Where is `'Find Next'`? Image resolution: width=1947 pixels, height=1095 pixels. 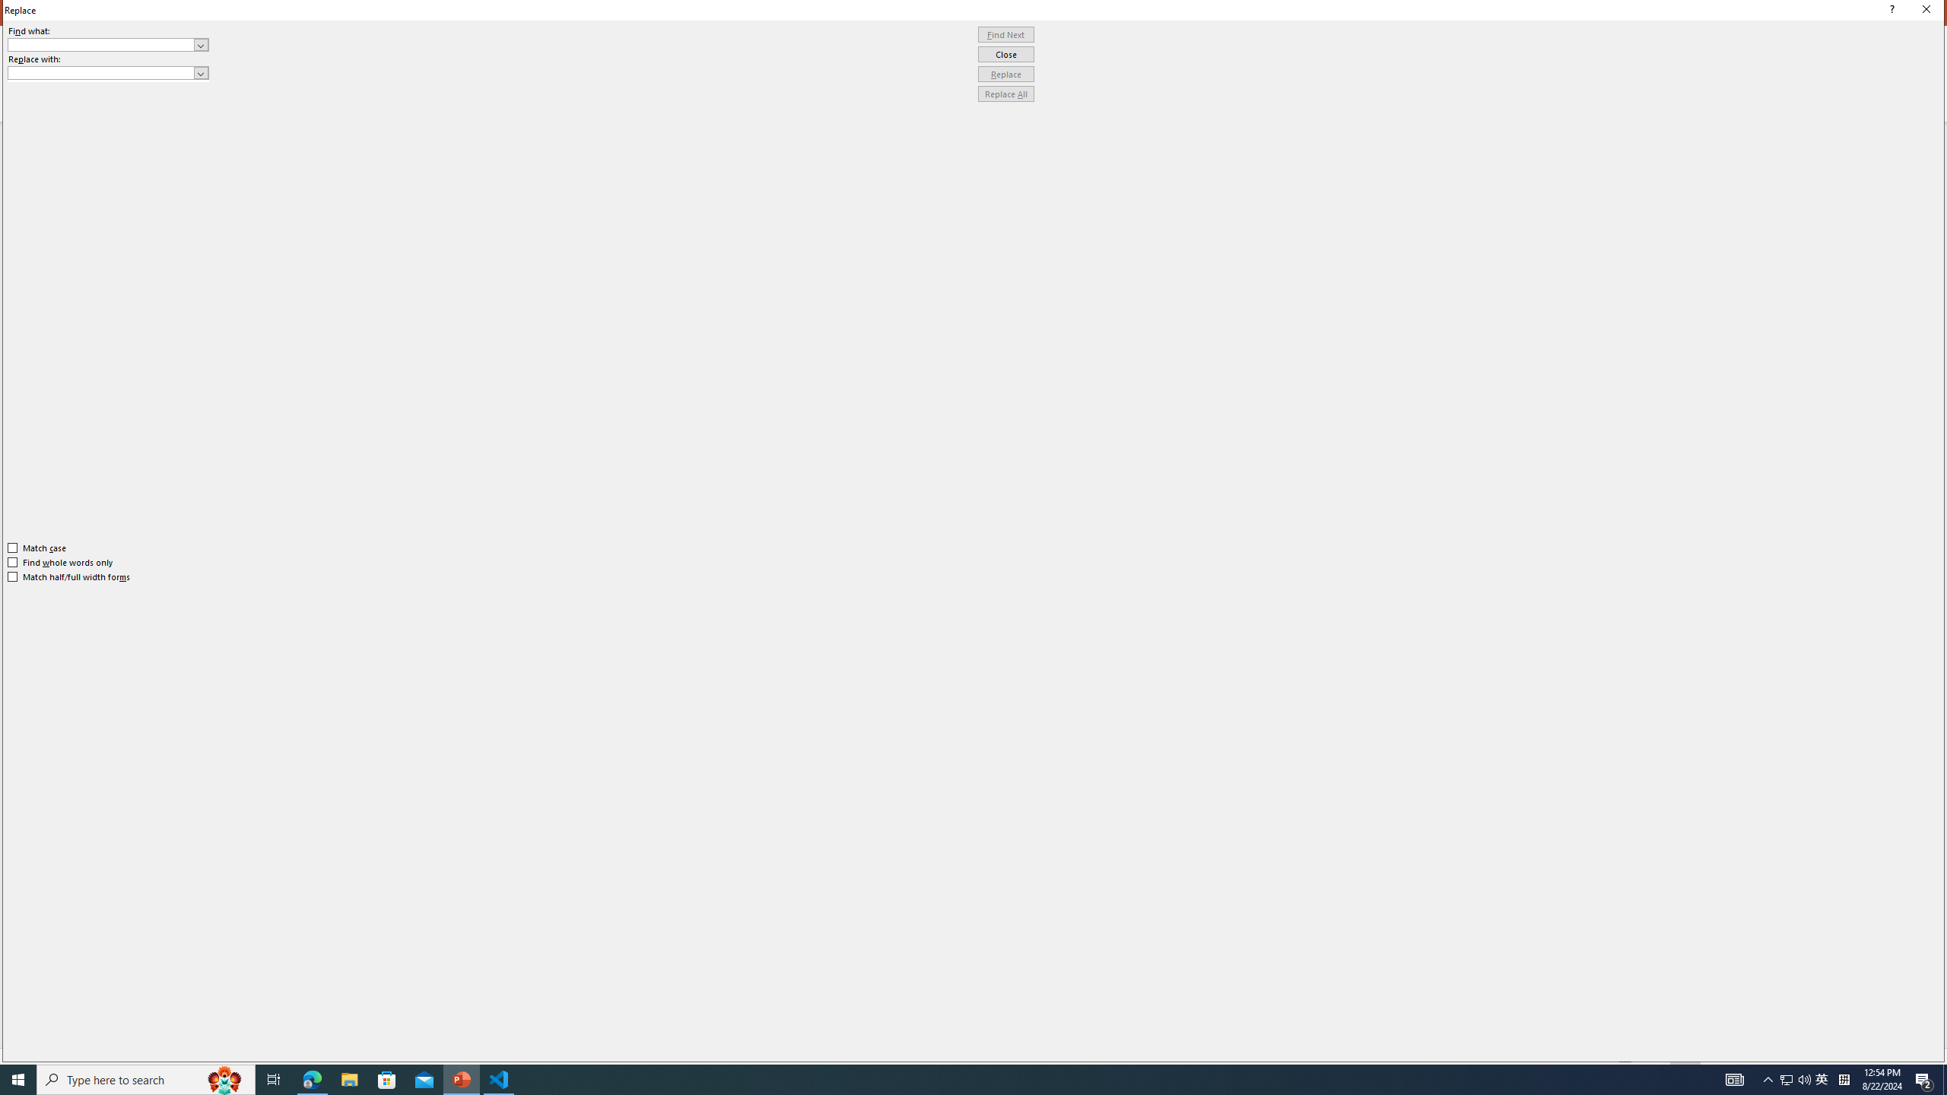
'Find Next' is located at coordinates (1005, 34).